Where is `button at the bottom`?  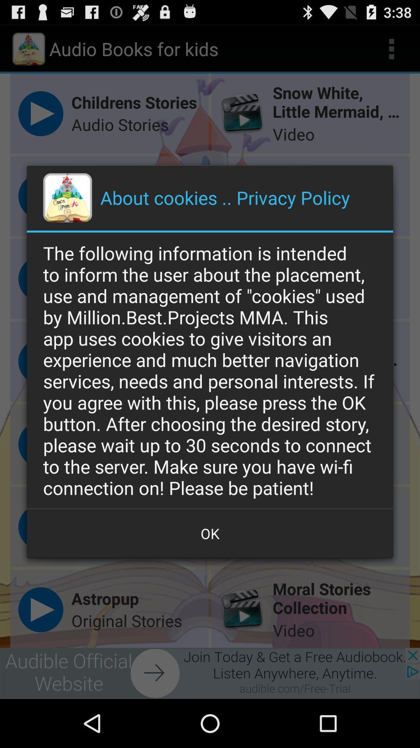
button at the bottom is located at coordinates (210, 533).